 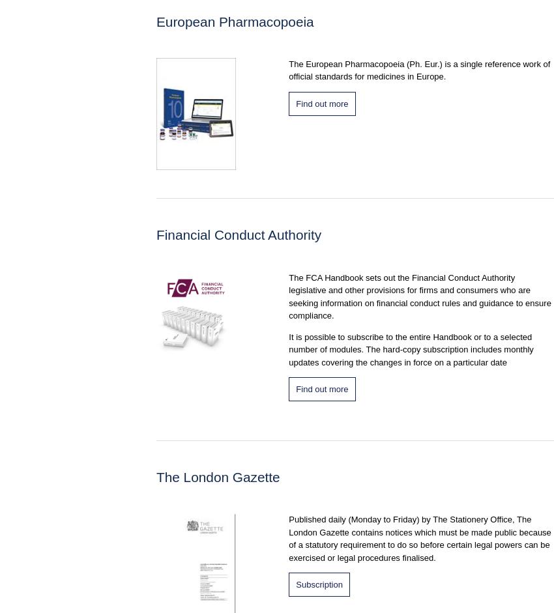 What do you see at coordinates (322, 102) in the screenshot?
I see `'Find out
					 more'` at bounding box center [322, 102].